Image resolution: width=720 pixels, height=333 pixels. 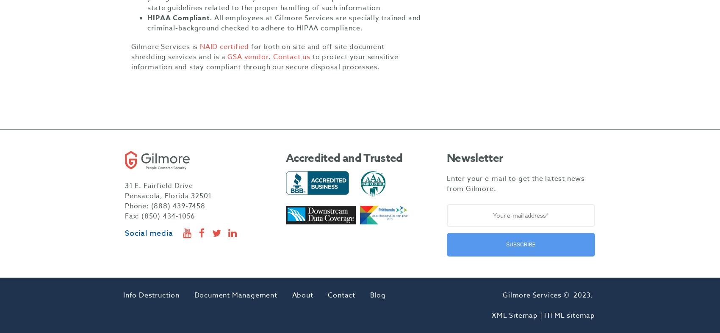 What do you see at coordinates (446, 183) in the screenshot?
I see `'Enter your e-mail to get the latest news from Gilmore.'` at bounding box center [446, 183].